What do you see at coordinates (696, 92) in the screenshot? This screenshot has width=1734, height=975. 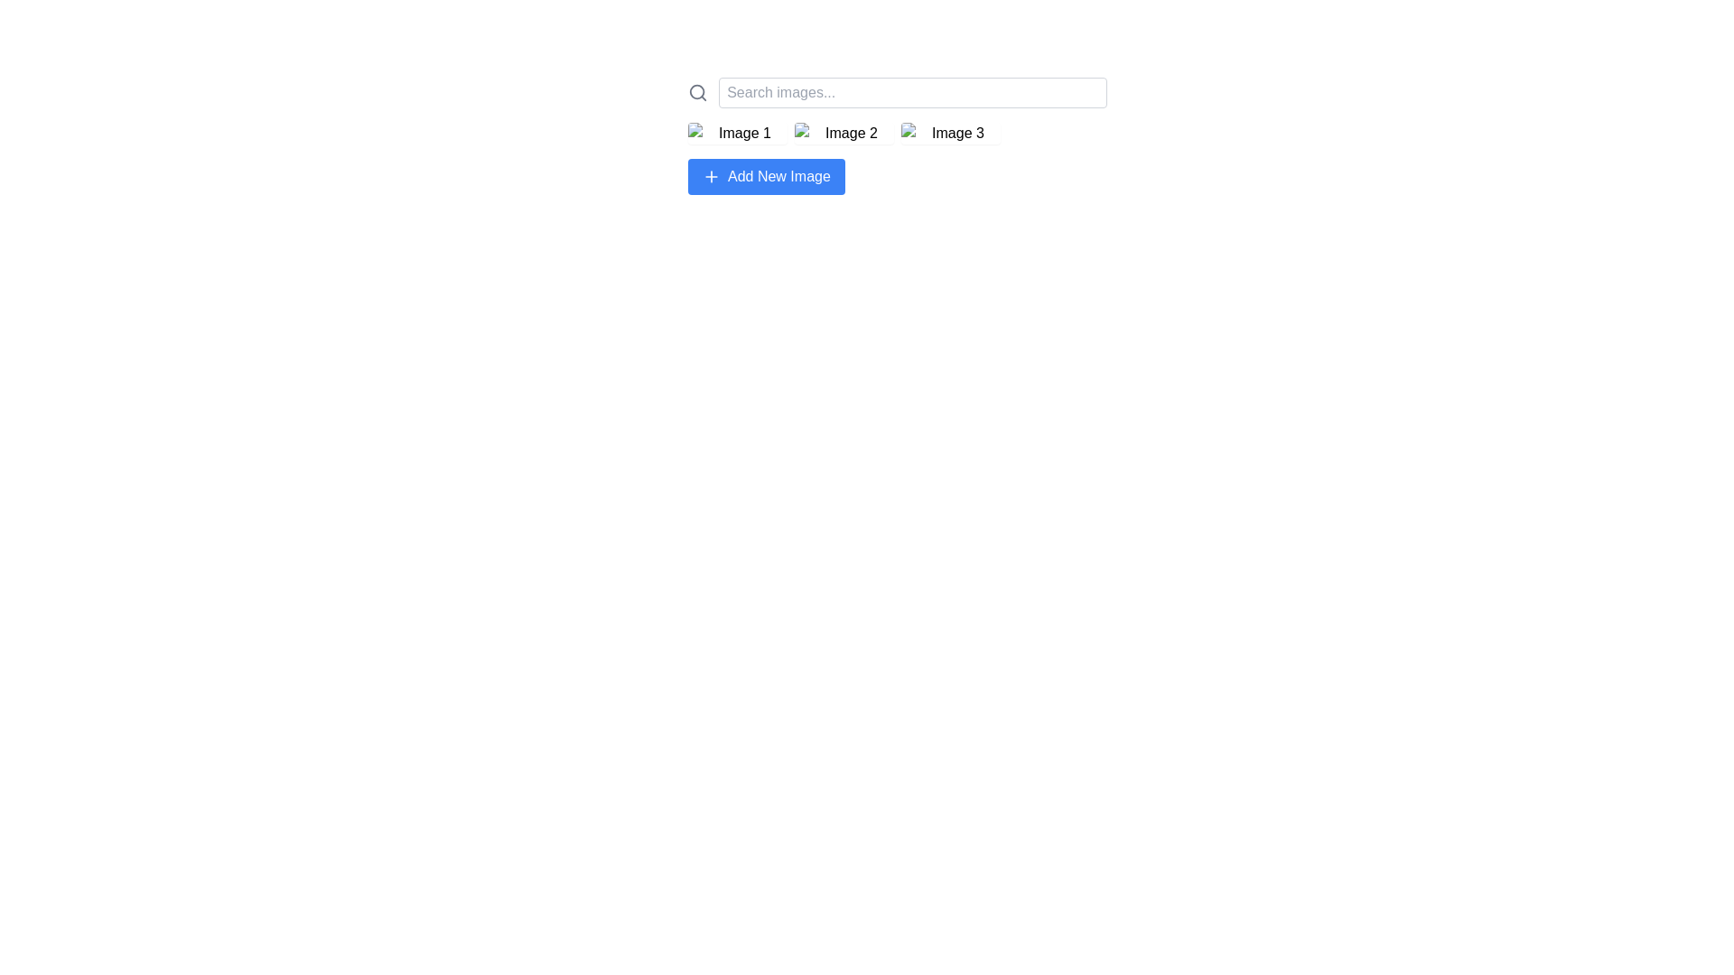 I see `the central circular part of the magnifying glass icon located at the top-left corner of the interface` at bounding box center [696, 92].